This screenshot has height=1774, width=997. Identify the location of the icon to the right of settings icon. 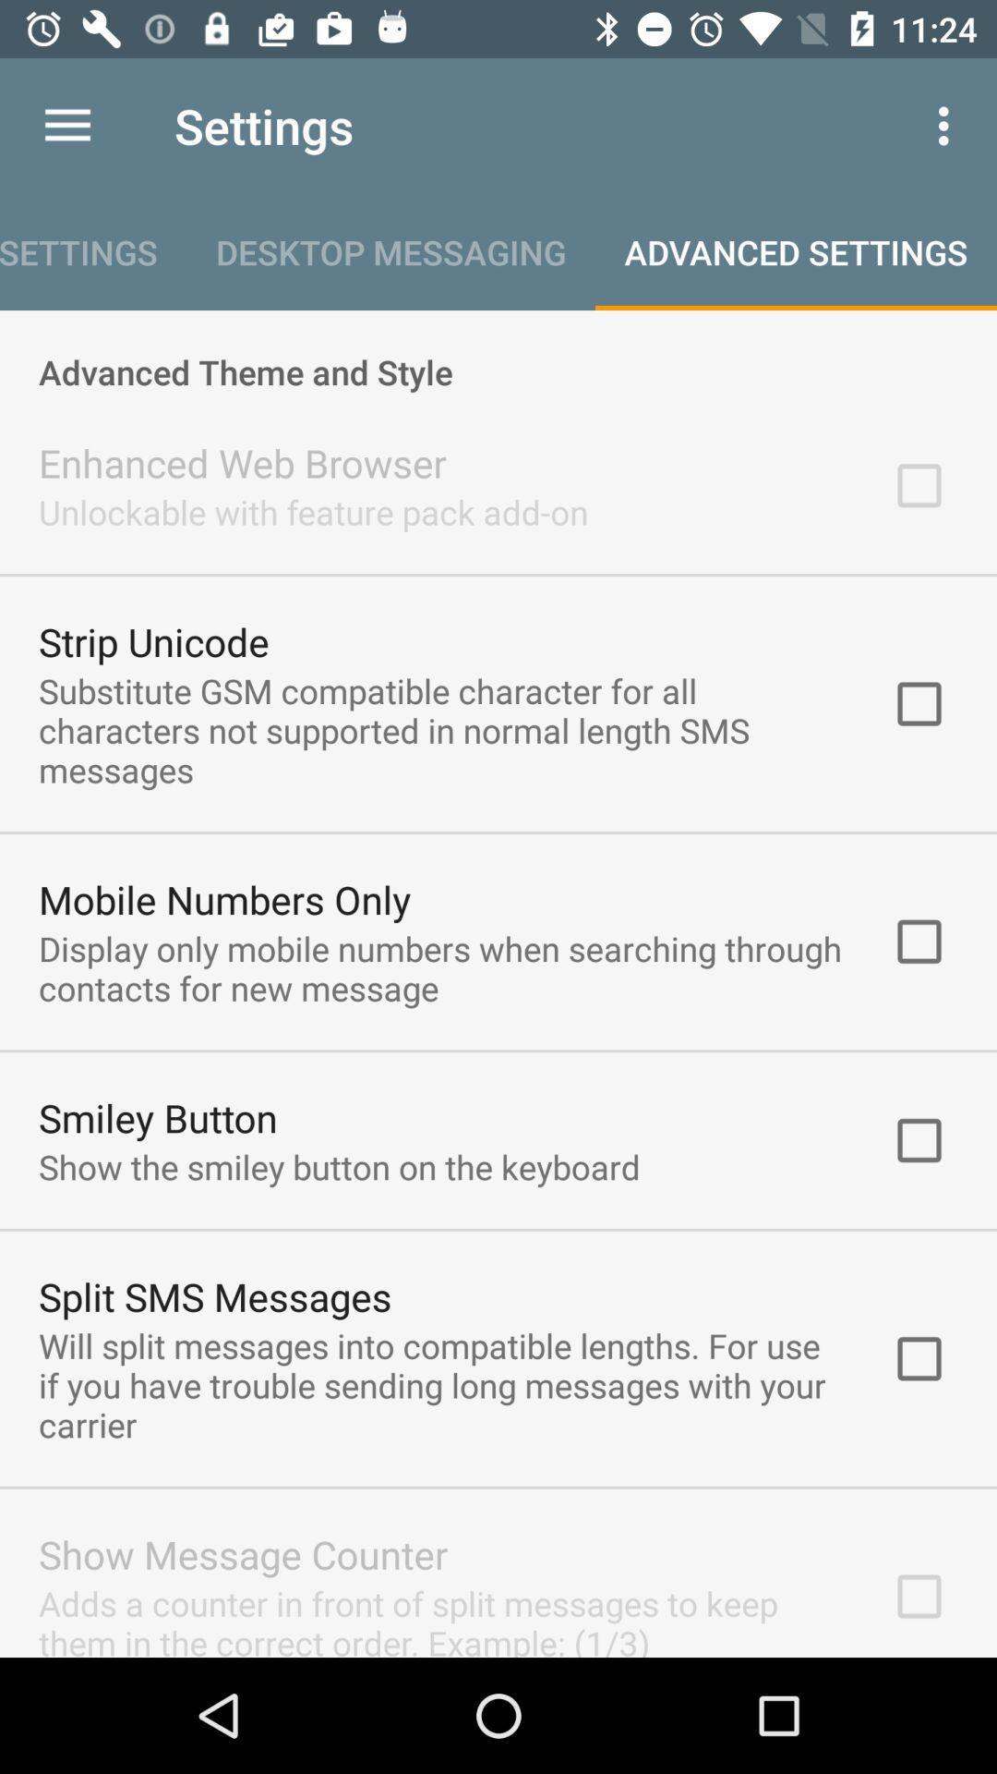
(948, 125).